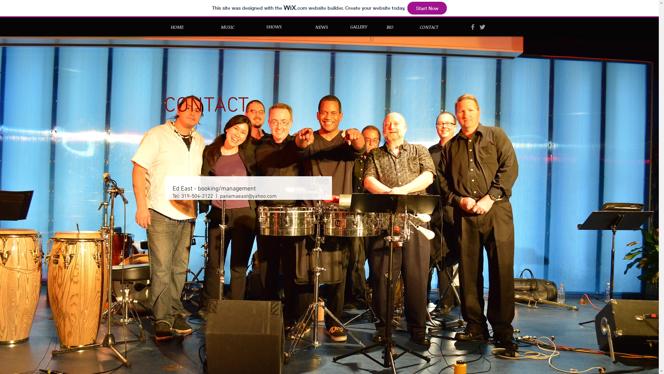 The image size is (664, 374). I want to click on 'MUSIC', so click(212, 26).